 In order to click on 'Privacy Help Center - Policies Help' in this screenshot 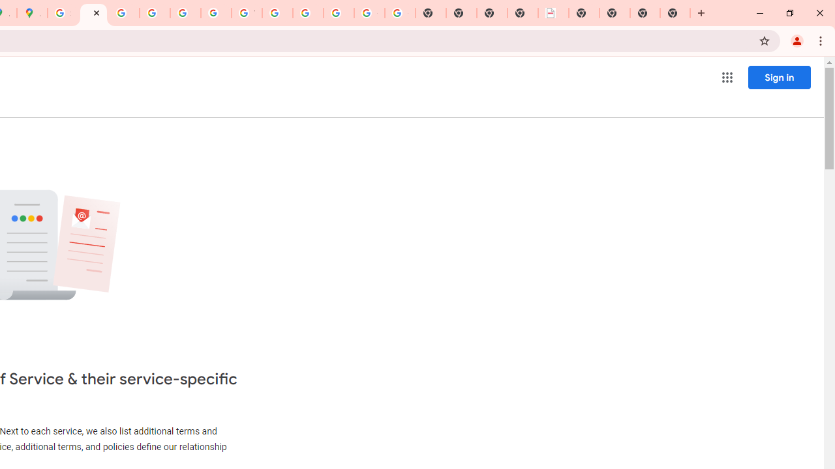, I will do `click(124, 13)`.